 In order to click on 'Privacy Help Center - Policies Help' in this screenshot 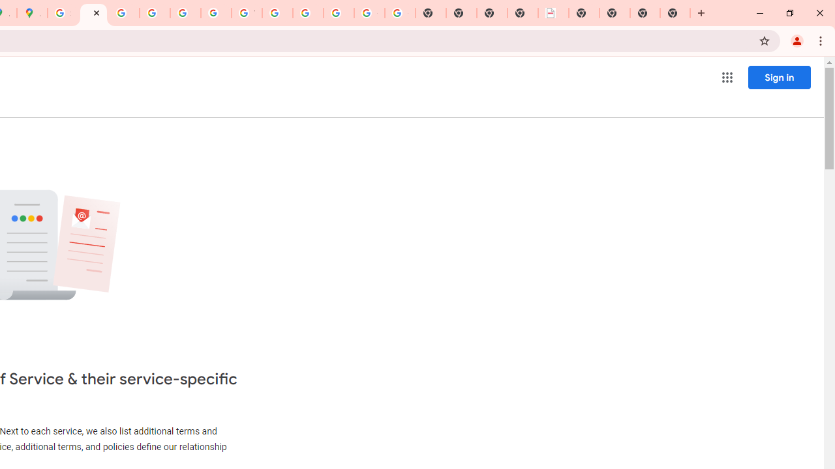, I will do `click(124, 13)`.